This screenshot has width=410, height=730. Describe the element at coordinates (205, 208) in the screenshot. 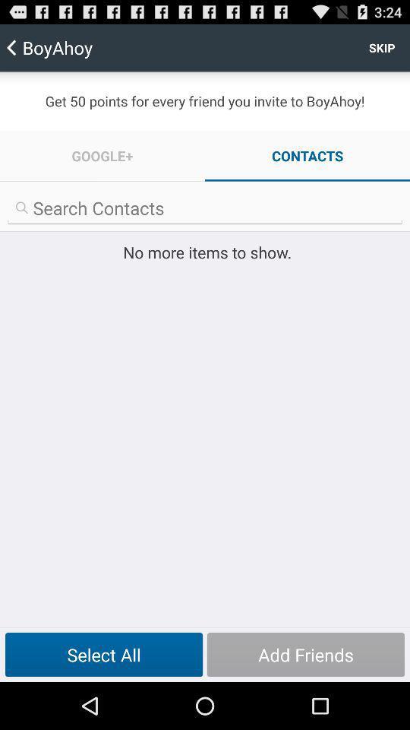

I see `search contacts` at that location.